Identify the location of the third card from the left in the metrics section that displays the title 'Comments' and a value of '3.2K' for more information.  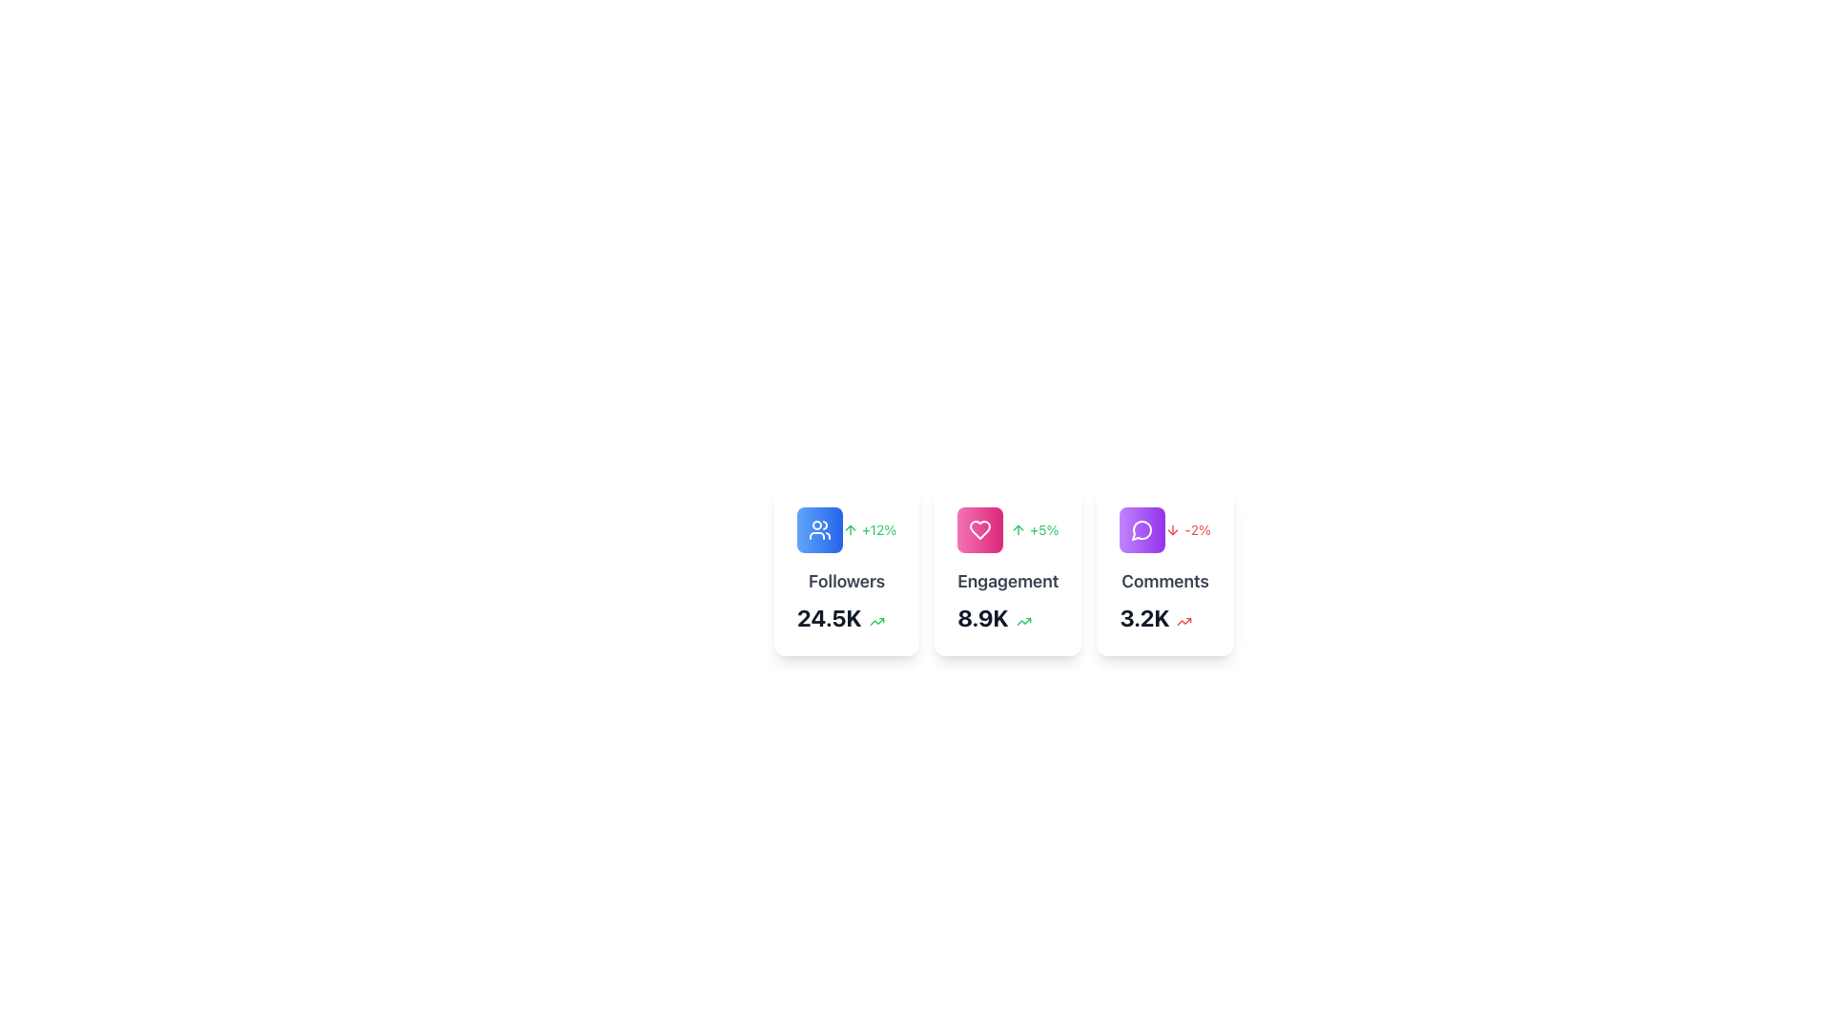
(1181, 568).